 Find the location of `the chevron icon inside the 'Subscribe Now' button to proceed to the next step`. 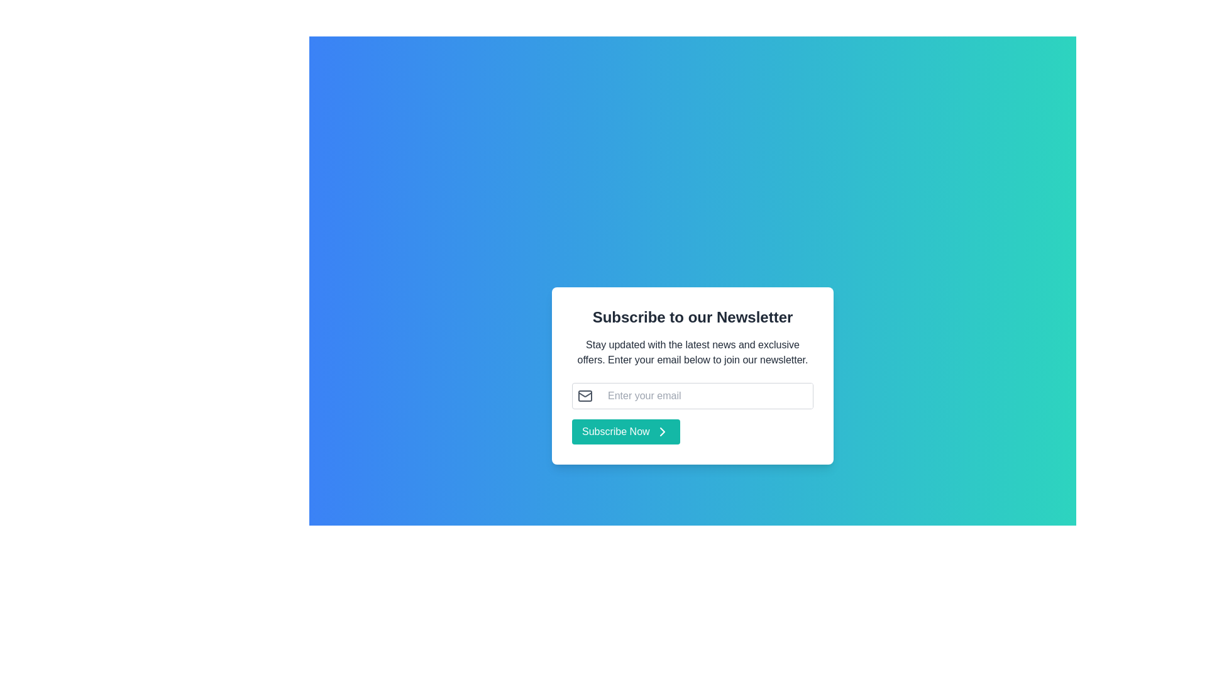

the chevron icon inside the 'Subscribe Now' button to proceed to the next step is located at coordinates (661, 431).